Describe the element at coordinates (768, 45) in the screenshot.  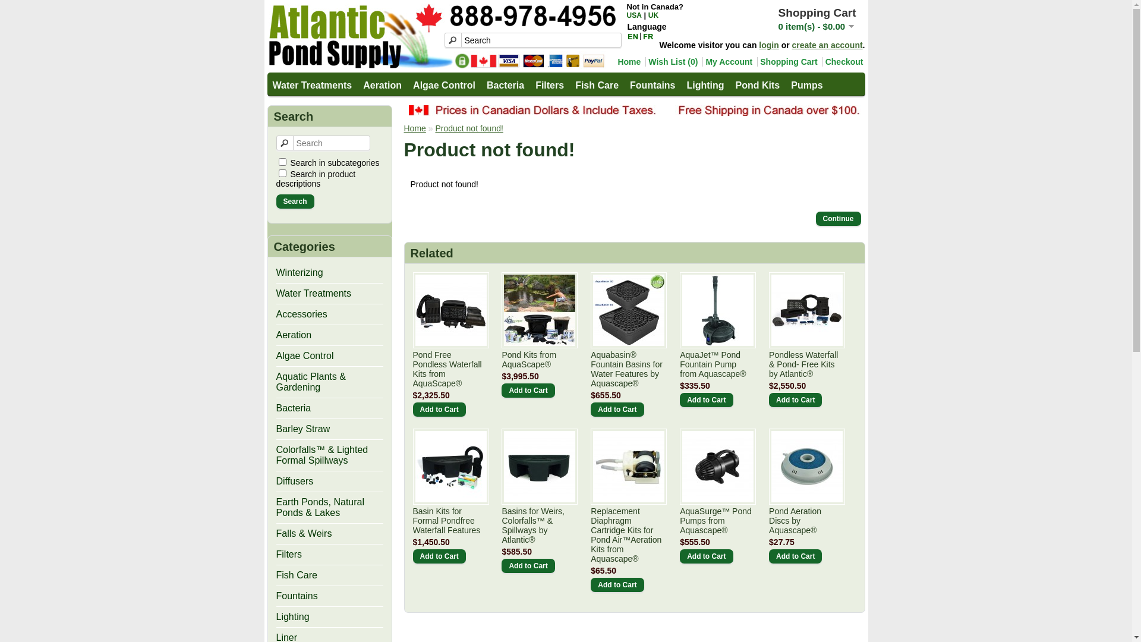
I see `'login'` at that location.